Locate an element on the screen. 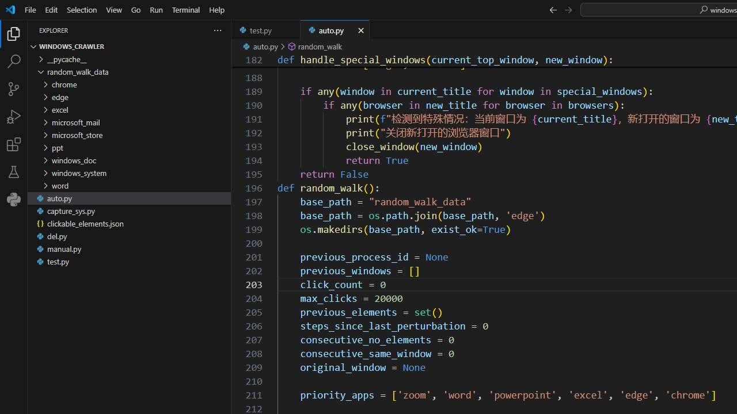  'Explorer Section: windows_crawler' is located at coordinates (129, 46).